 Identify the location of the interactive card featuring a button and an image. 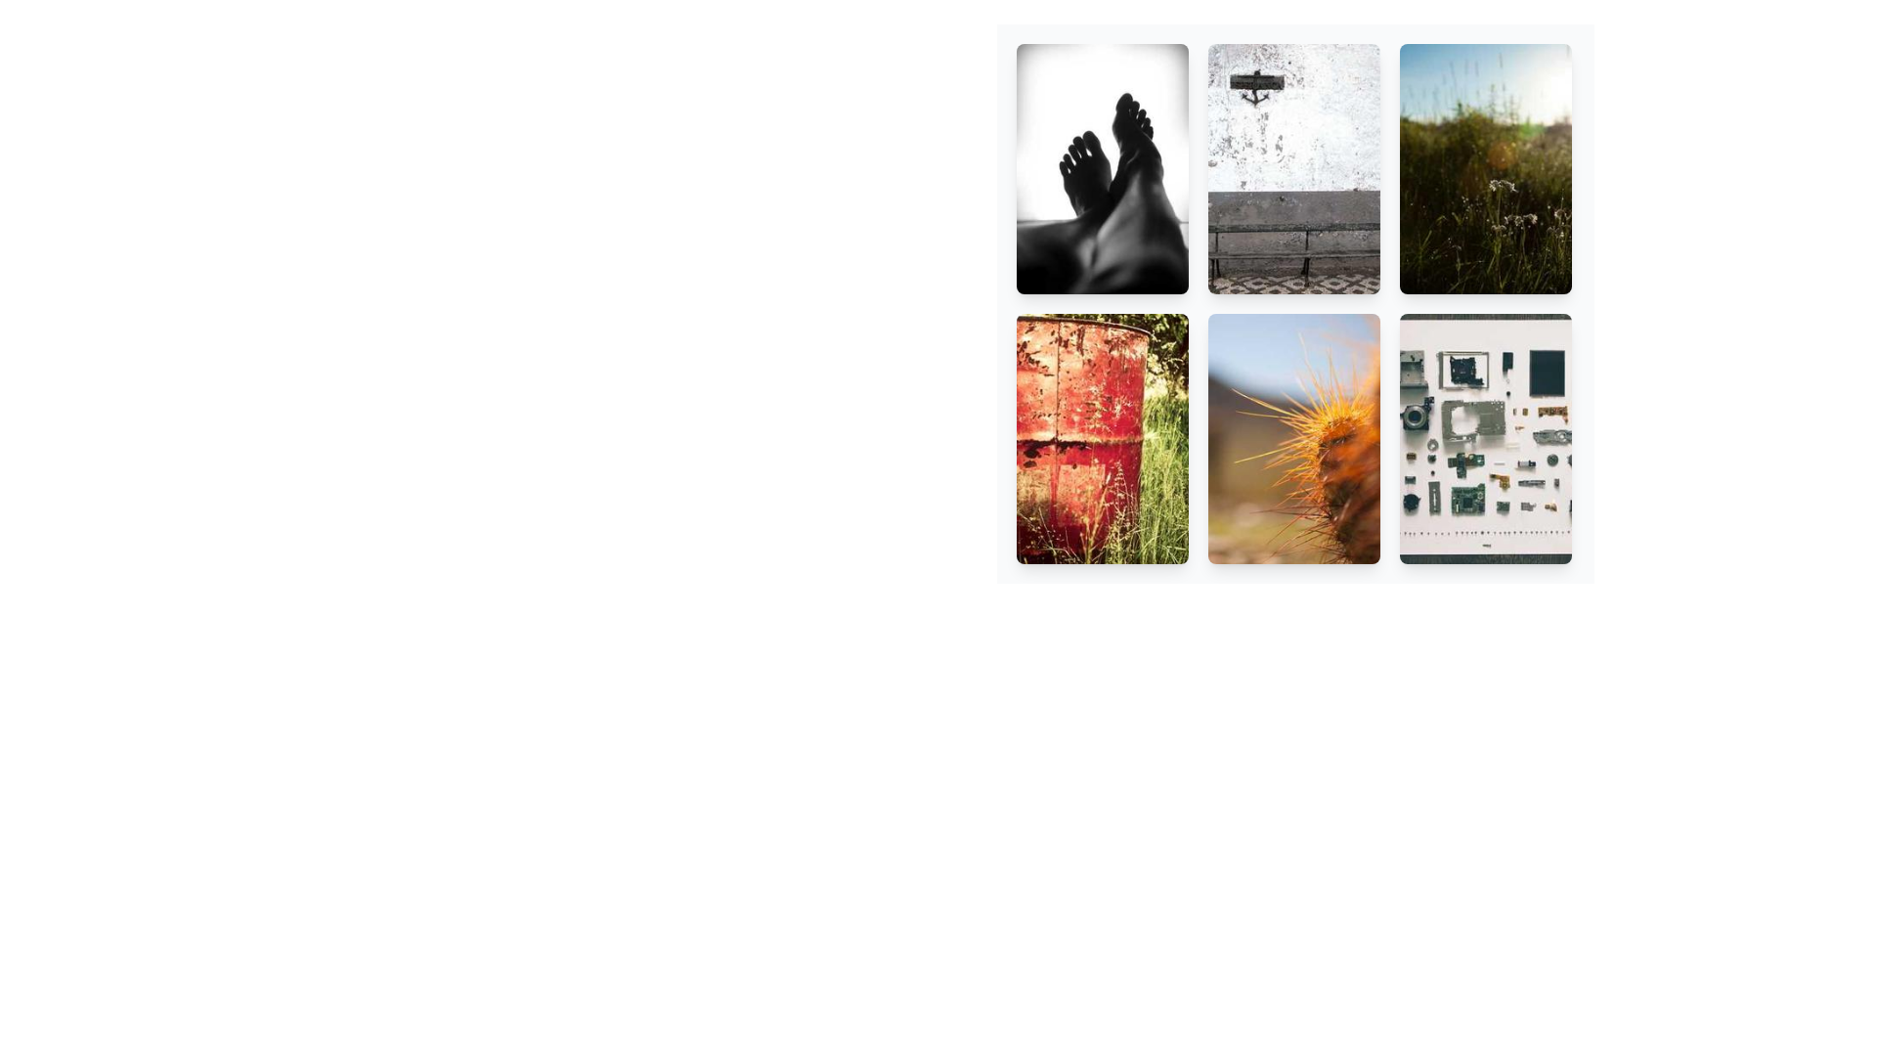
(1486, 168).